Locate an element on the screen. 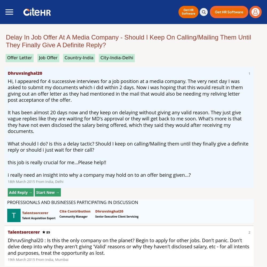 Image resolution: width=267 pixels, height=267 pixels. 'PROFESSIONALS AND BUSINESSES PARTICIPATING IN DISCUSSION' is located at coordinates (73, 202).